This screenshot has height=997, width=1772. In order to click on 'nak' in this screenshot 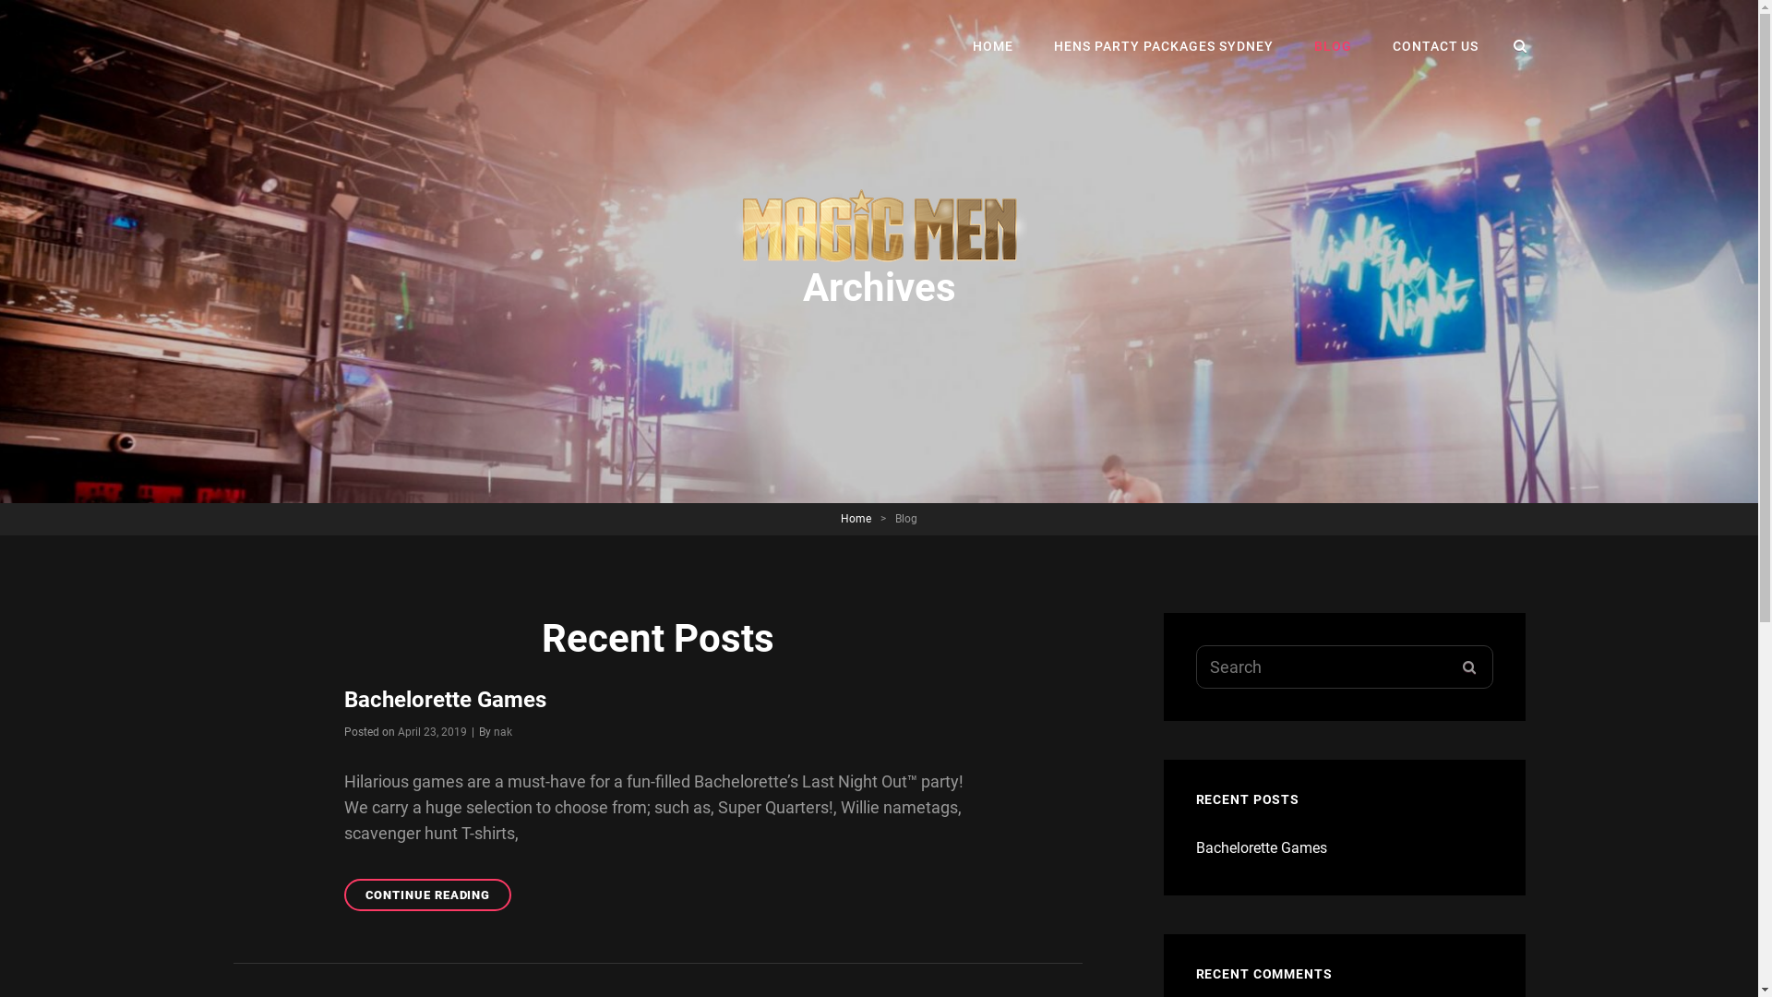, I will do `click(501, 731)`.